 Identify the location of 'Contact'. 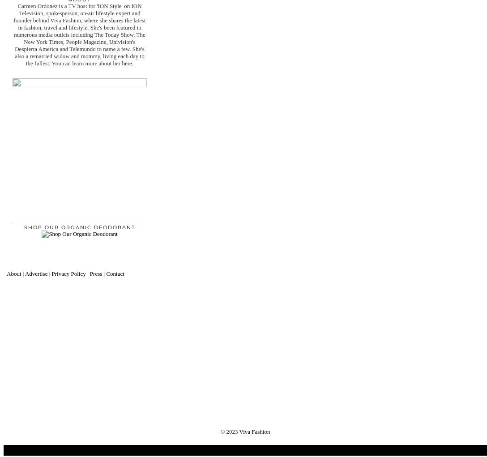
(114, 273).